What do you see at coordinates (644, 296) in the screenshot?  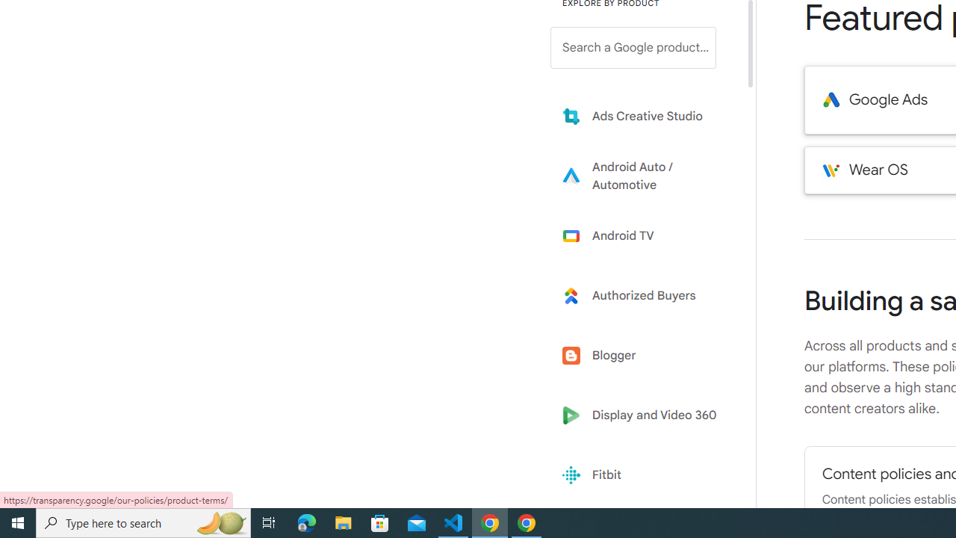 I see `'Learn more about Authorized Buyers'` at bounding box center [644, 296].